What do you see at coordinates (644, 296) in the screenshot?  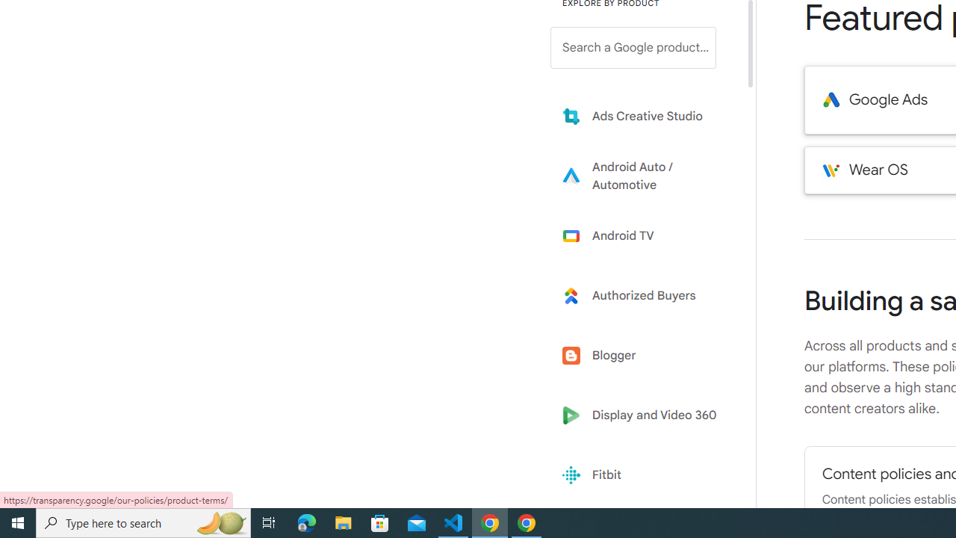 I see `'Learn more about Authorized Buyers'` at bounding box center [644, 296].